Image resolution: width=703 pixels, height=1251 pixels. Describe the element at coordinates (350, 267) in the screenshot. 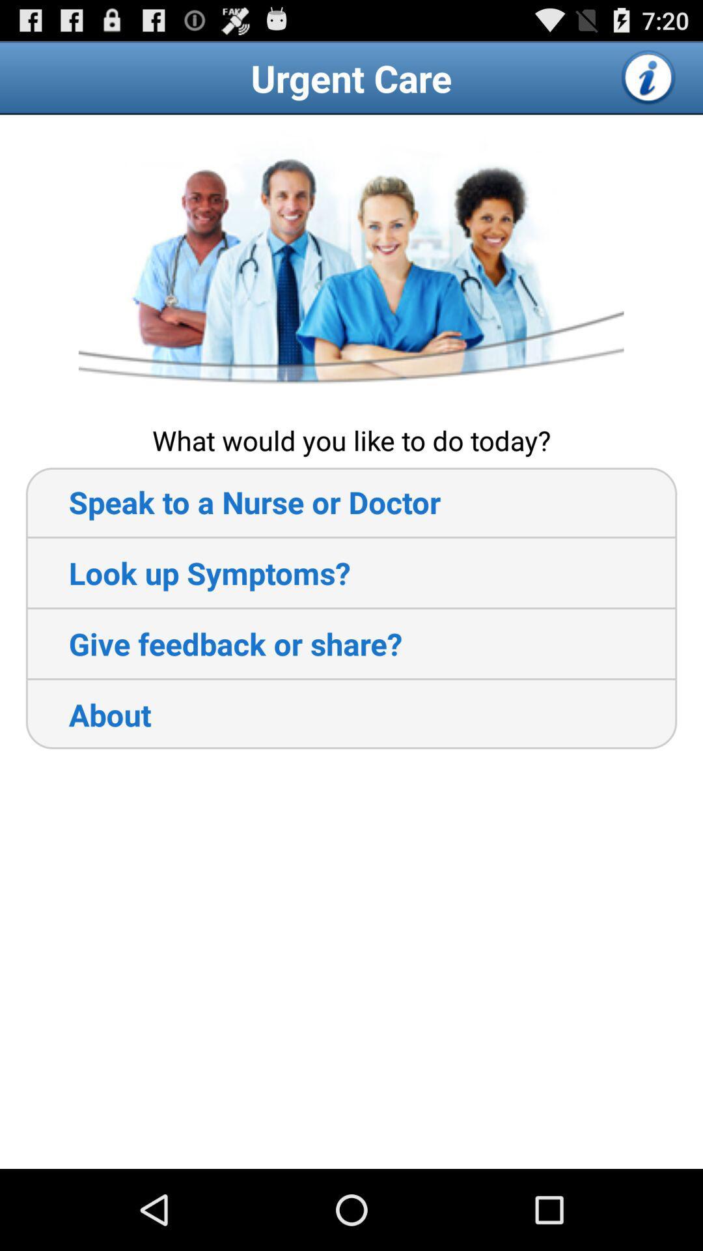

I see `icon above the what would you item` at that location.